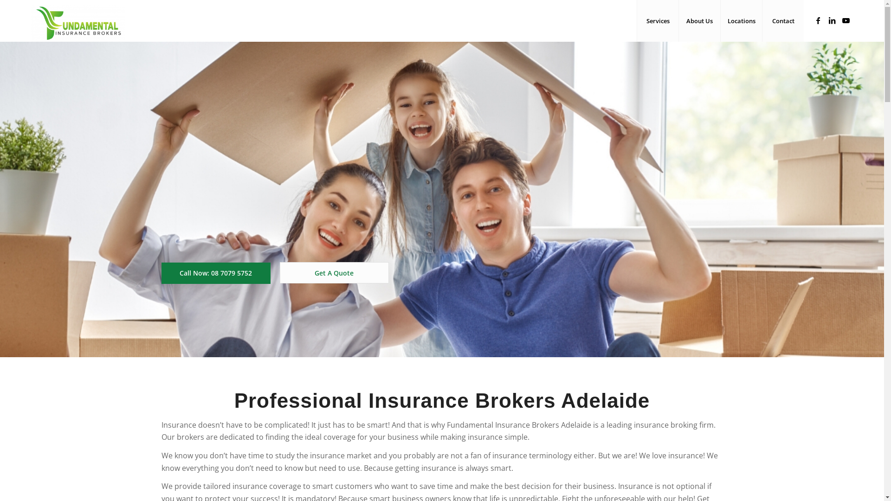 This screenshot has height=501, width=891. What do you see at coordinates (334, 272) in the screenshot?
I see `'Get A Quote'` at bounding box center [334, 272].